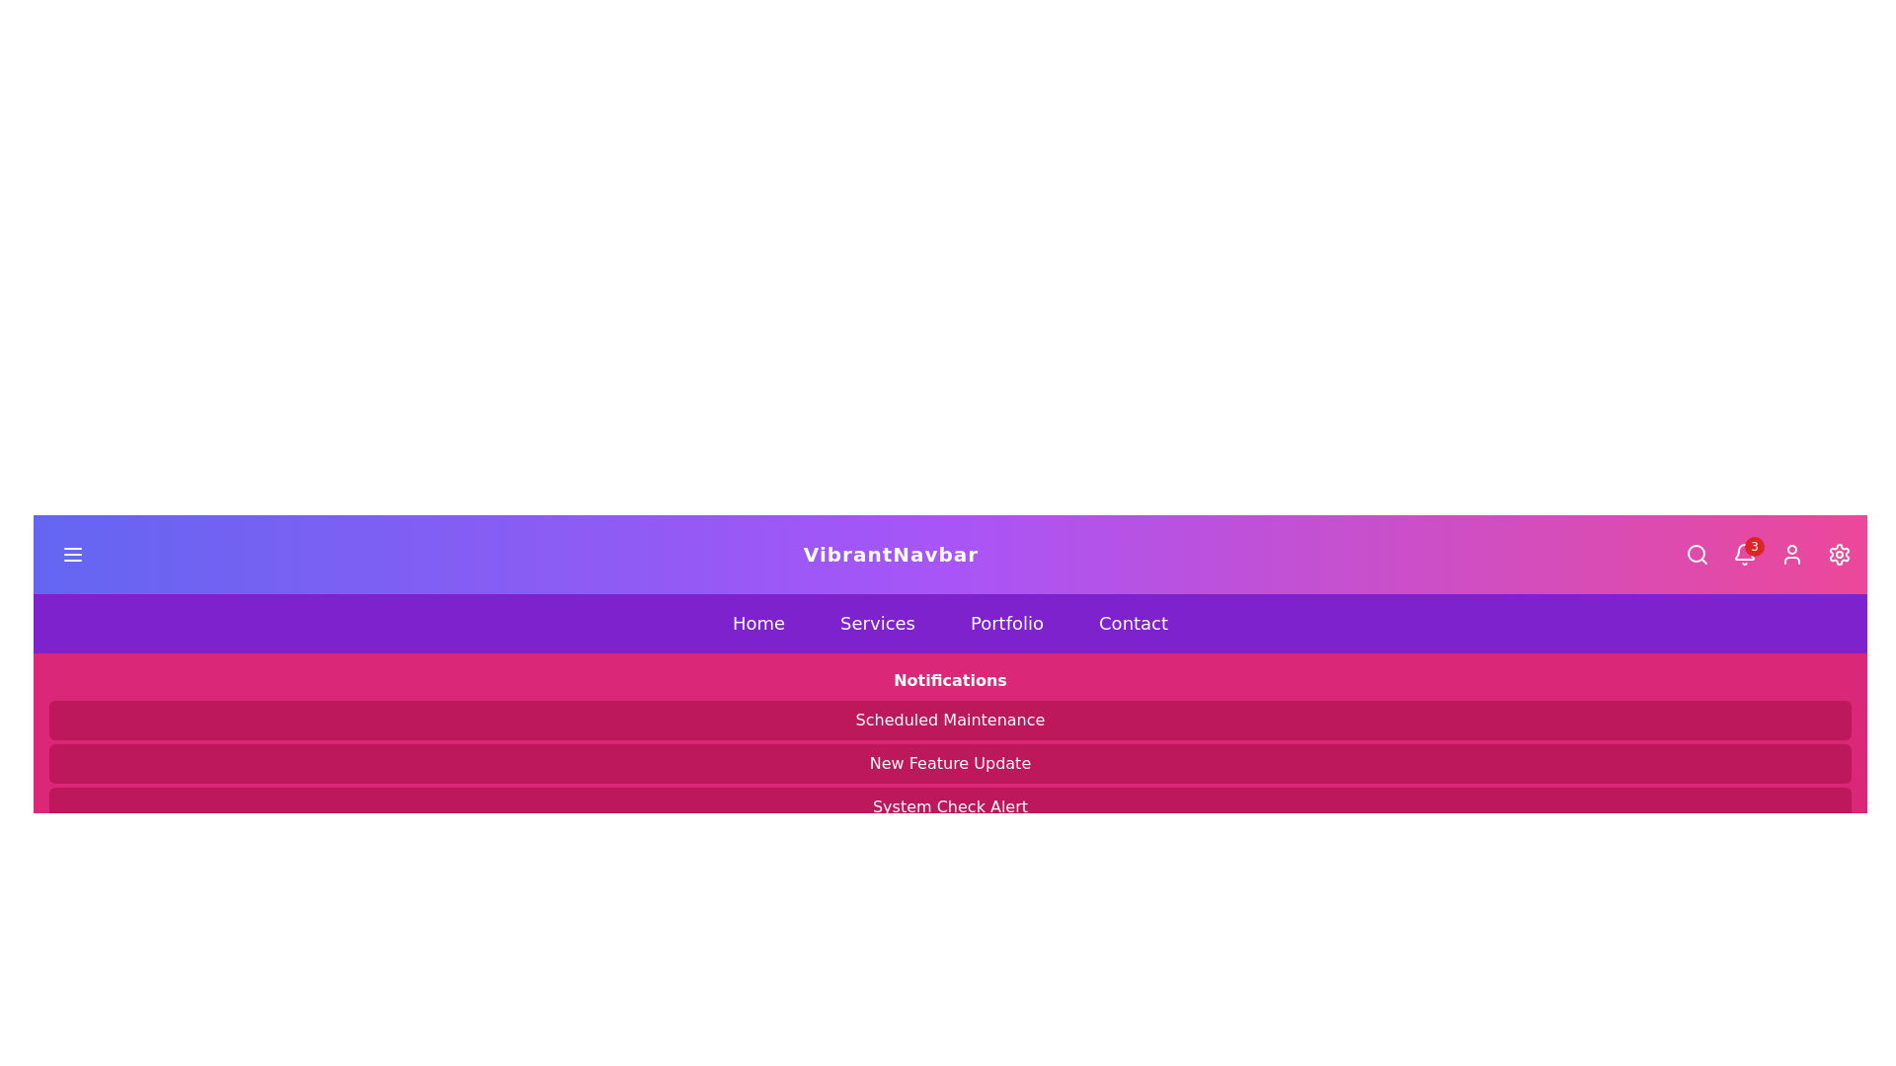 This screenshot has width=1896, height=1066. What do you see at coordinates (1696, 555) in the screenshot?
I see `the search icon button located on the right side of the navigation bar, adjacent to the notification bell` at bounding box center [1696, 555].